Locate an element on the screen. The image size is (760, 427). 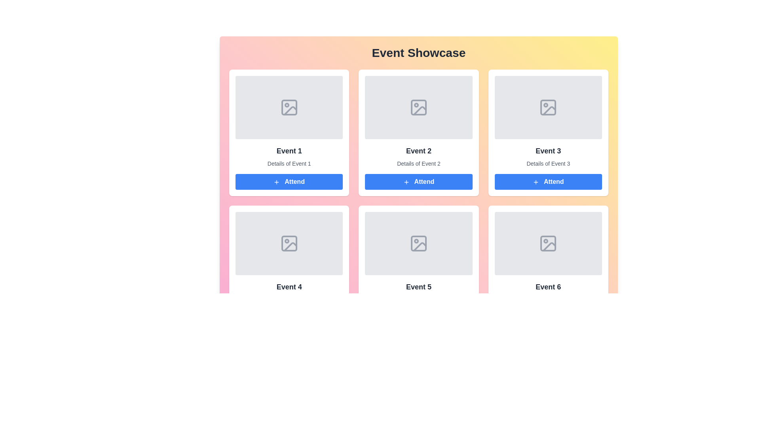
heading text 'Event Showcase' which is prominently styled and centered at the top of the content area is located at coordinates (418, 53).